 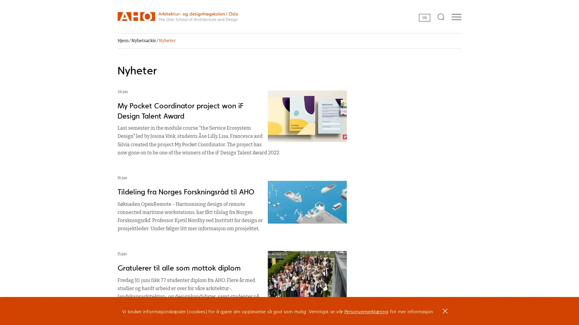 I want to click on OK, I agree, so click(x=445, y=313).